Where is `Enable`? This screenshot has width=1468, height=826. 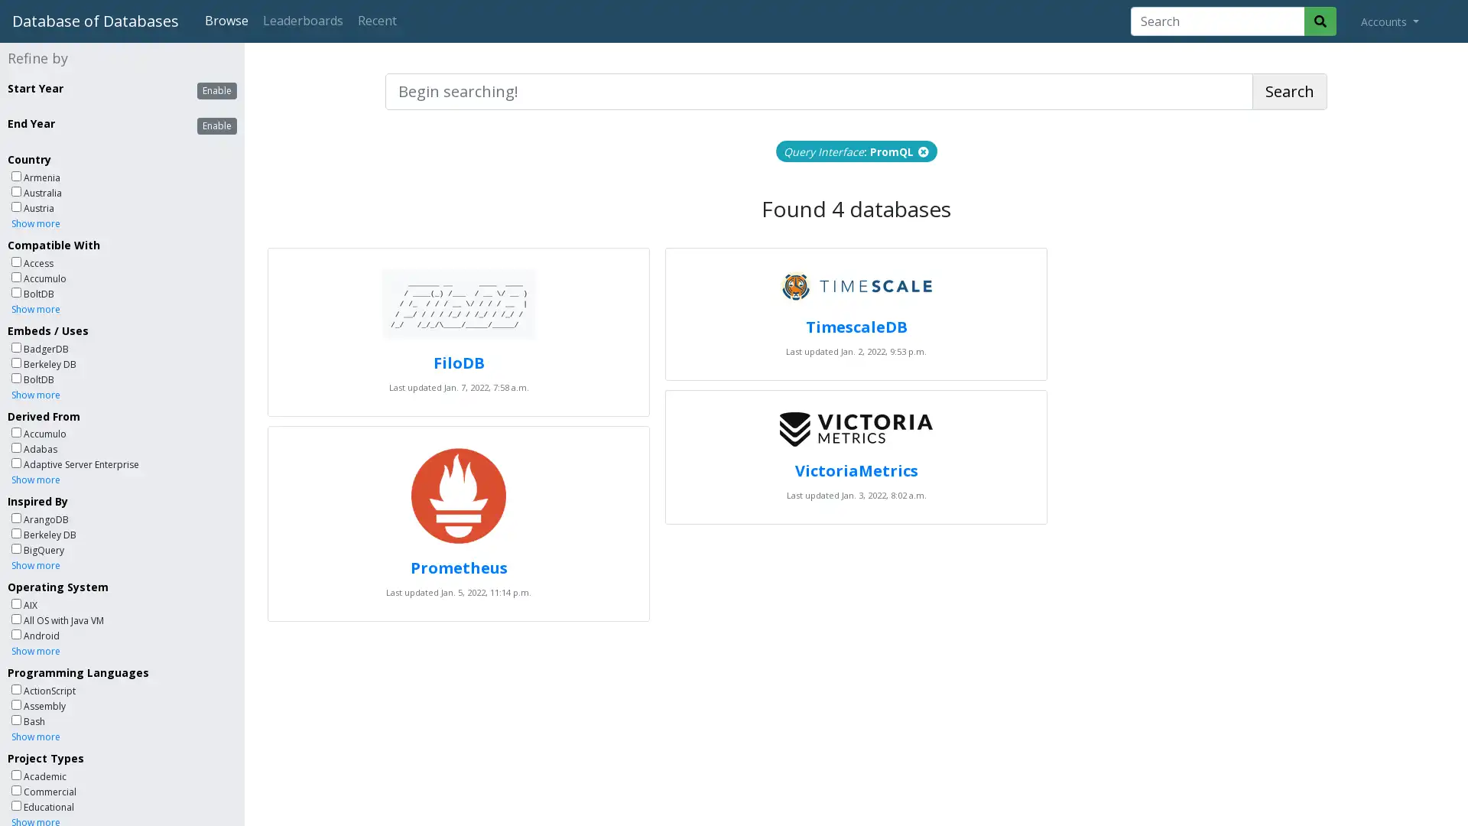 Enable is located at coordinates (216, 90).